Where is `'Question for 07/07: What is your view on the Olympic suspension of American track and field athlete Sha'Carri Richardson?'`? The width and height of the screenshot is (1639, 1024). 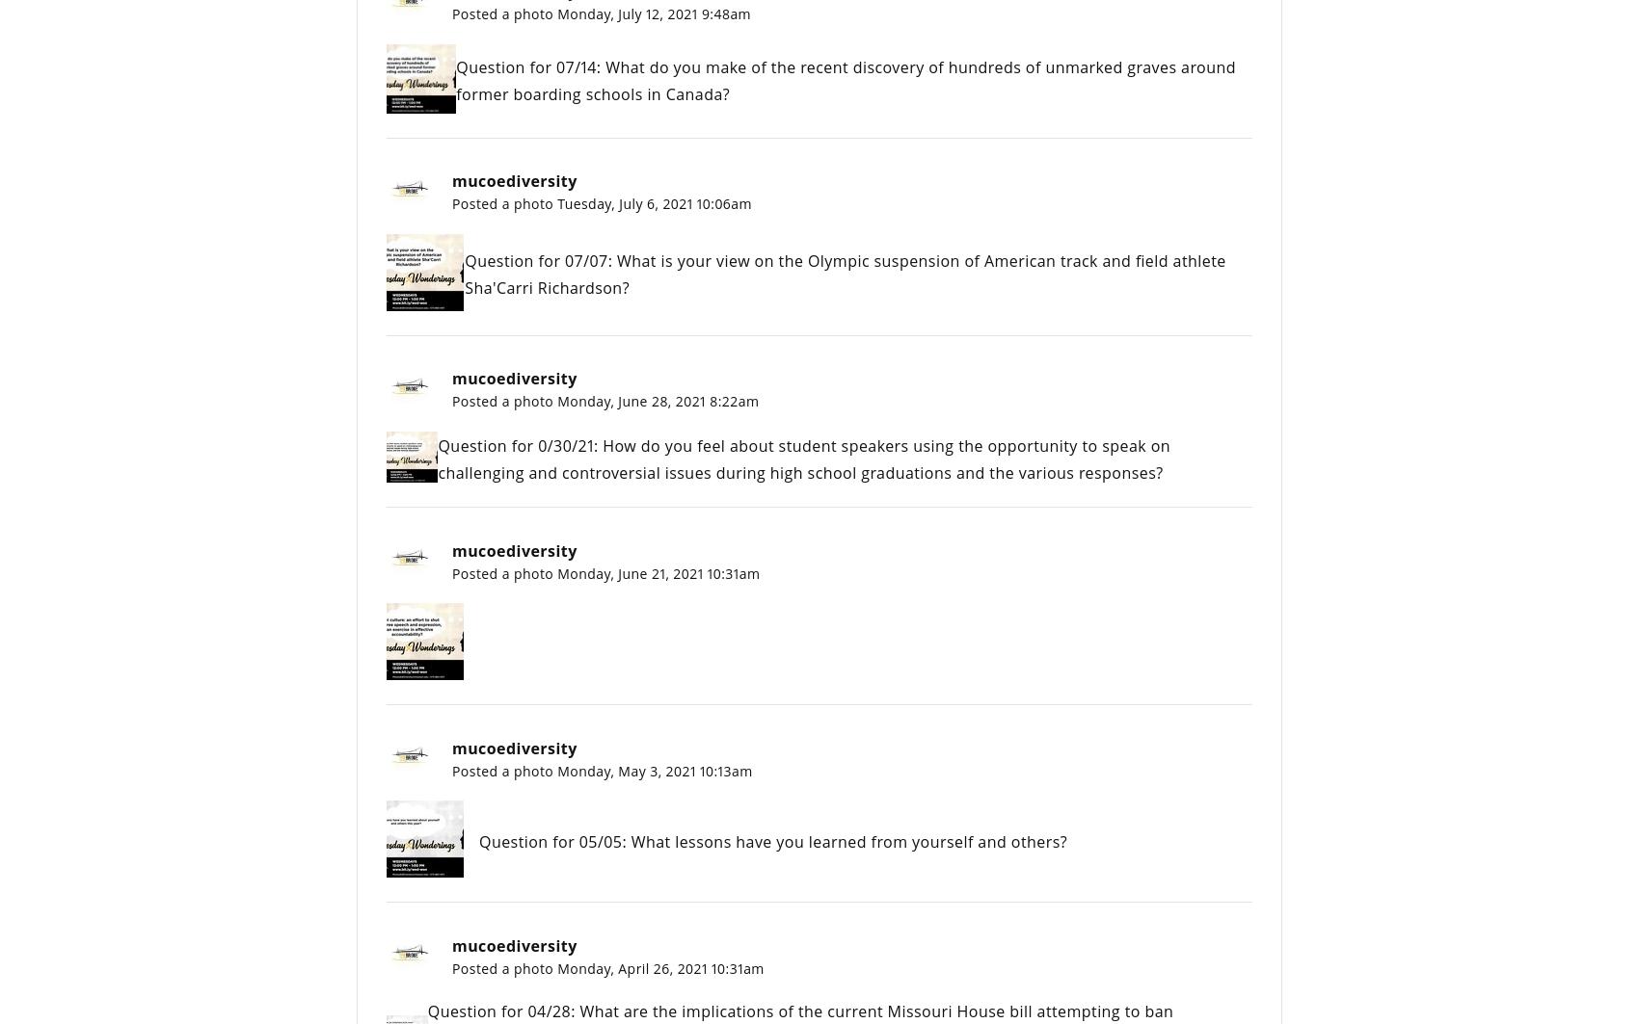 'Question for 07/07: What is your view on the Olympic suspension of American track and field athlete Sha'Carri Richardson?' is located at coordinates (845, 274).